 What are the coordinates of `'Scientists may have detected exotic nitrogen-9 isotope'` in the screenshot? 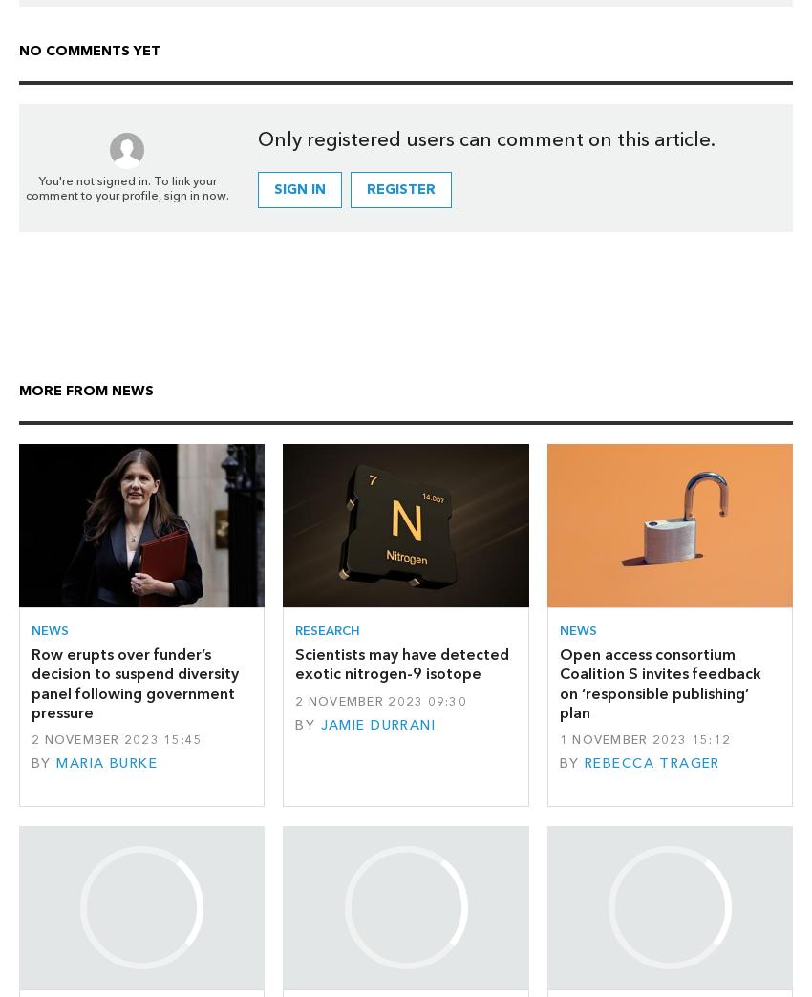 It's located at (402, 663).